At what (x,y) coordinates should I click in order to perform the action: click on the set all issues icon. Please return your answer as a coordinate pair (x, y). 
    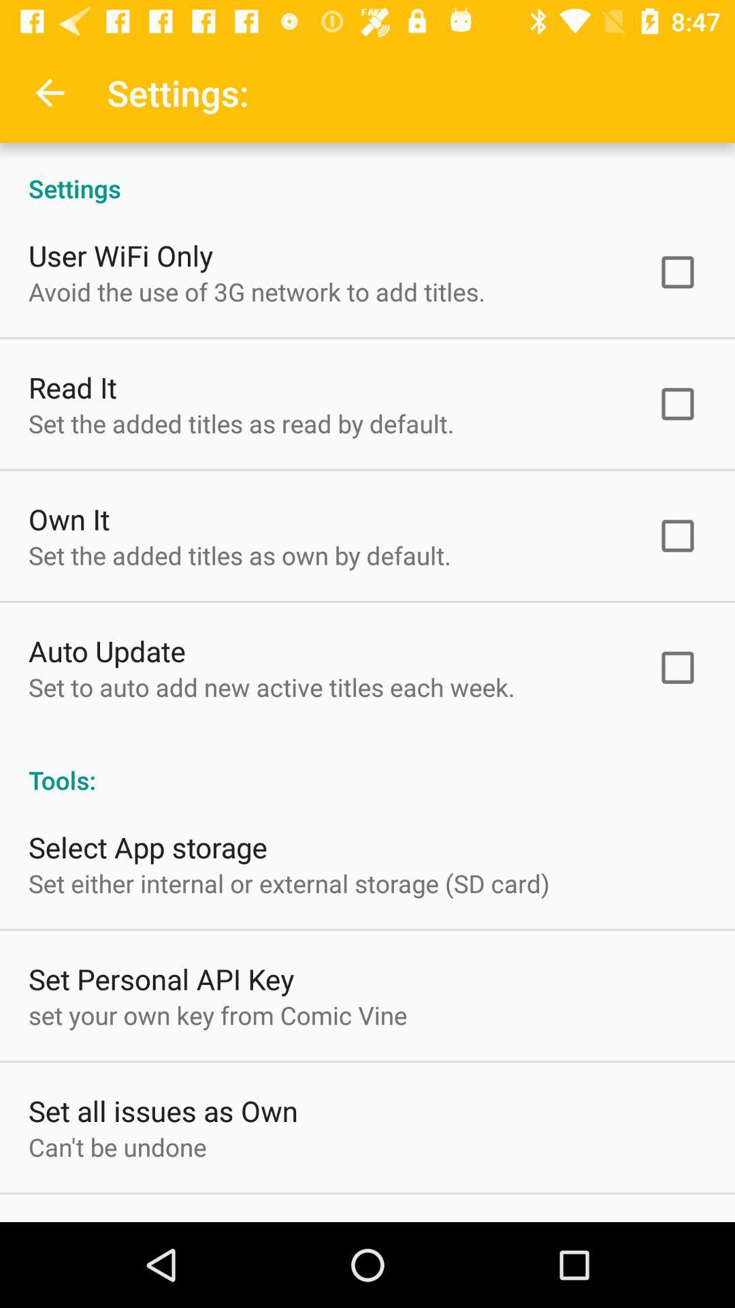
    Looking at the image, I should click on (162, 1110).